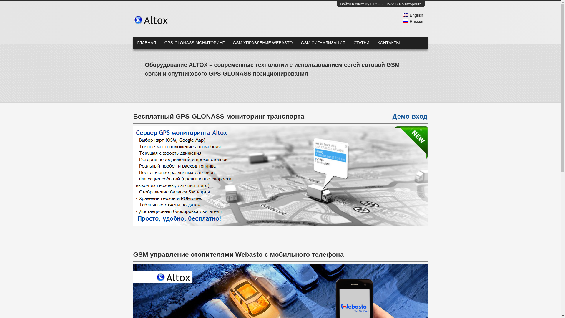 The width and height of the screenshot is (565, 318). Describe the element at coordinates (413, 15) in the screenshot. I see `' English'` at that location.